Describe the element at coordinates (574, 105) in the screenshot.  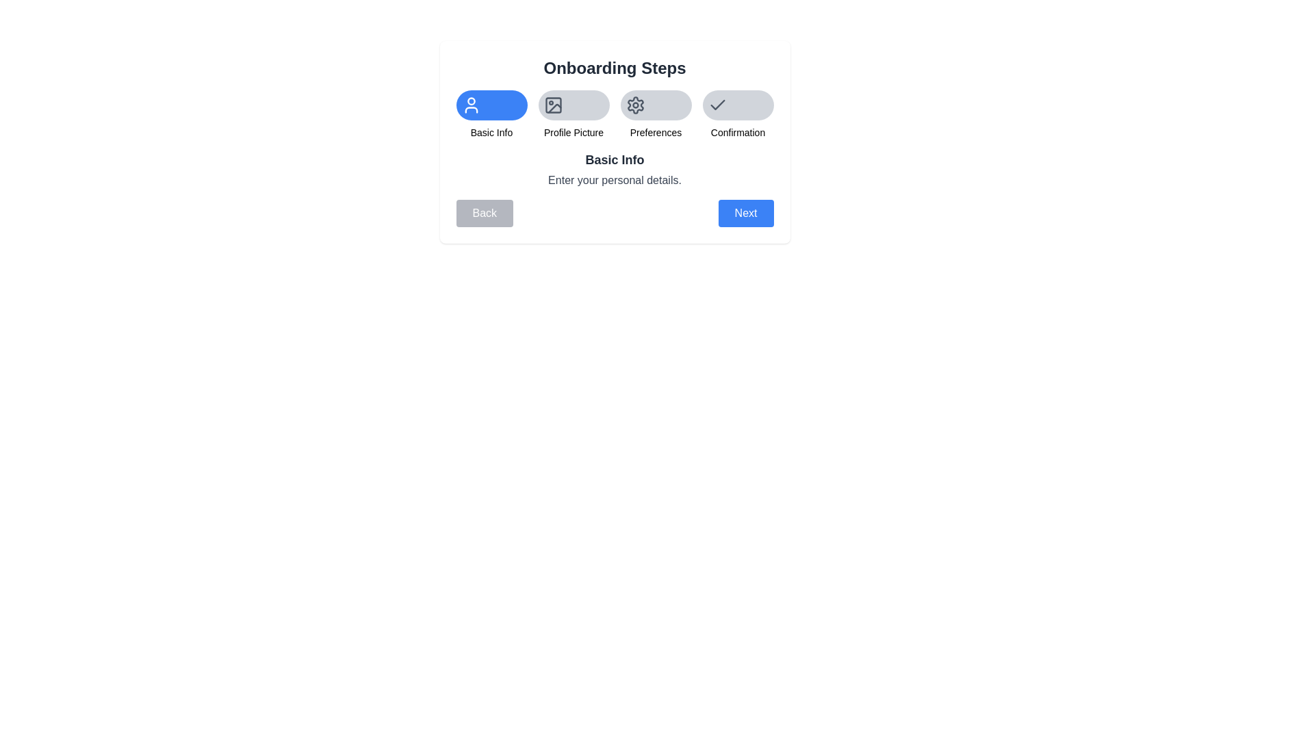
I see `the step icon corresponding to Profile Picture` at that location.